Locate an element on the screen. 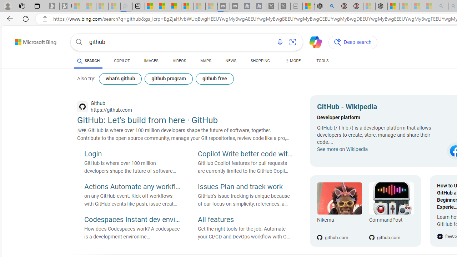 The image size is (457, 257). 'Streaming Coverage | T3 - Sleeping' is located at coordinates (223, 6).